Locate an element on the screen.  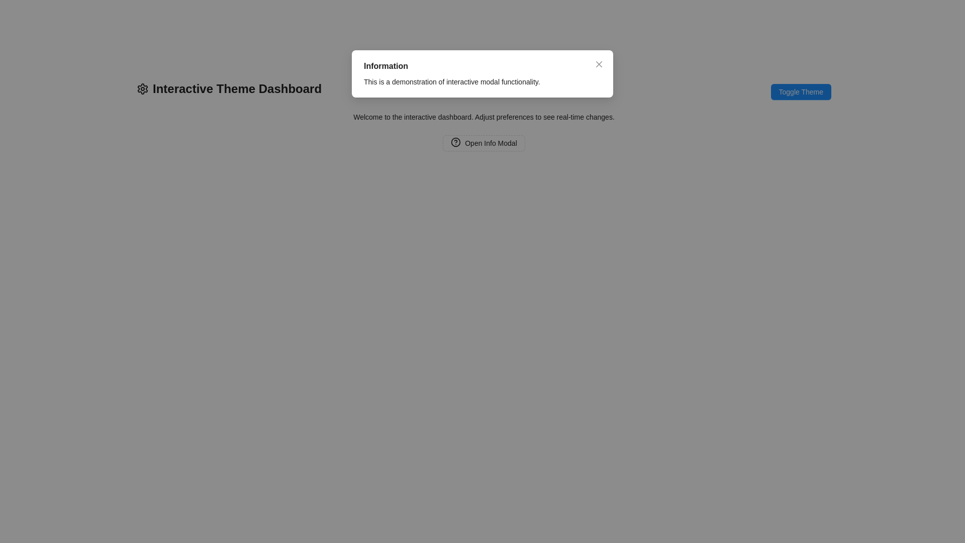
the settings icon represented as a gear-shaped vector graphic, located on the left side of the interface, slightly above the midline is located at coordinates (142, 88).